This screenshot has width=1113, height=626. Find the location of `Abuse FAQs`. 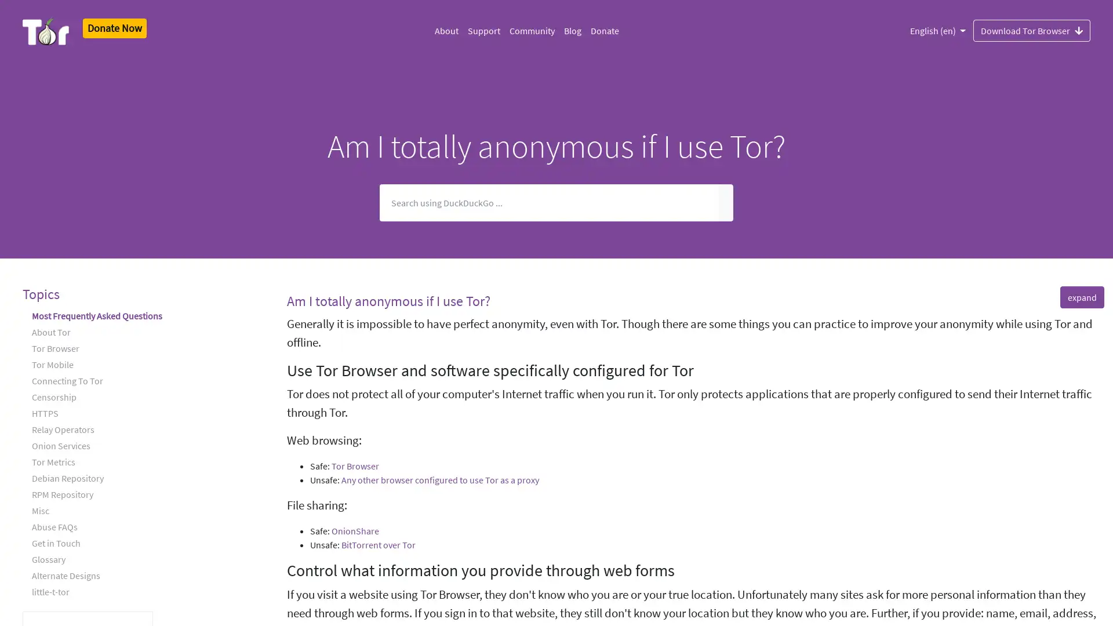

Abuse FAQs is located at coordinates (143, 526).